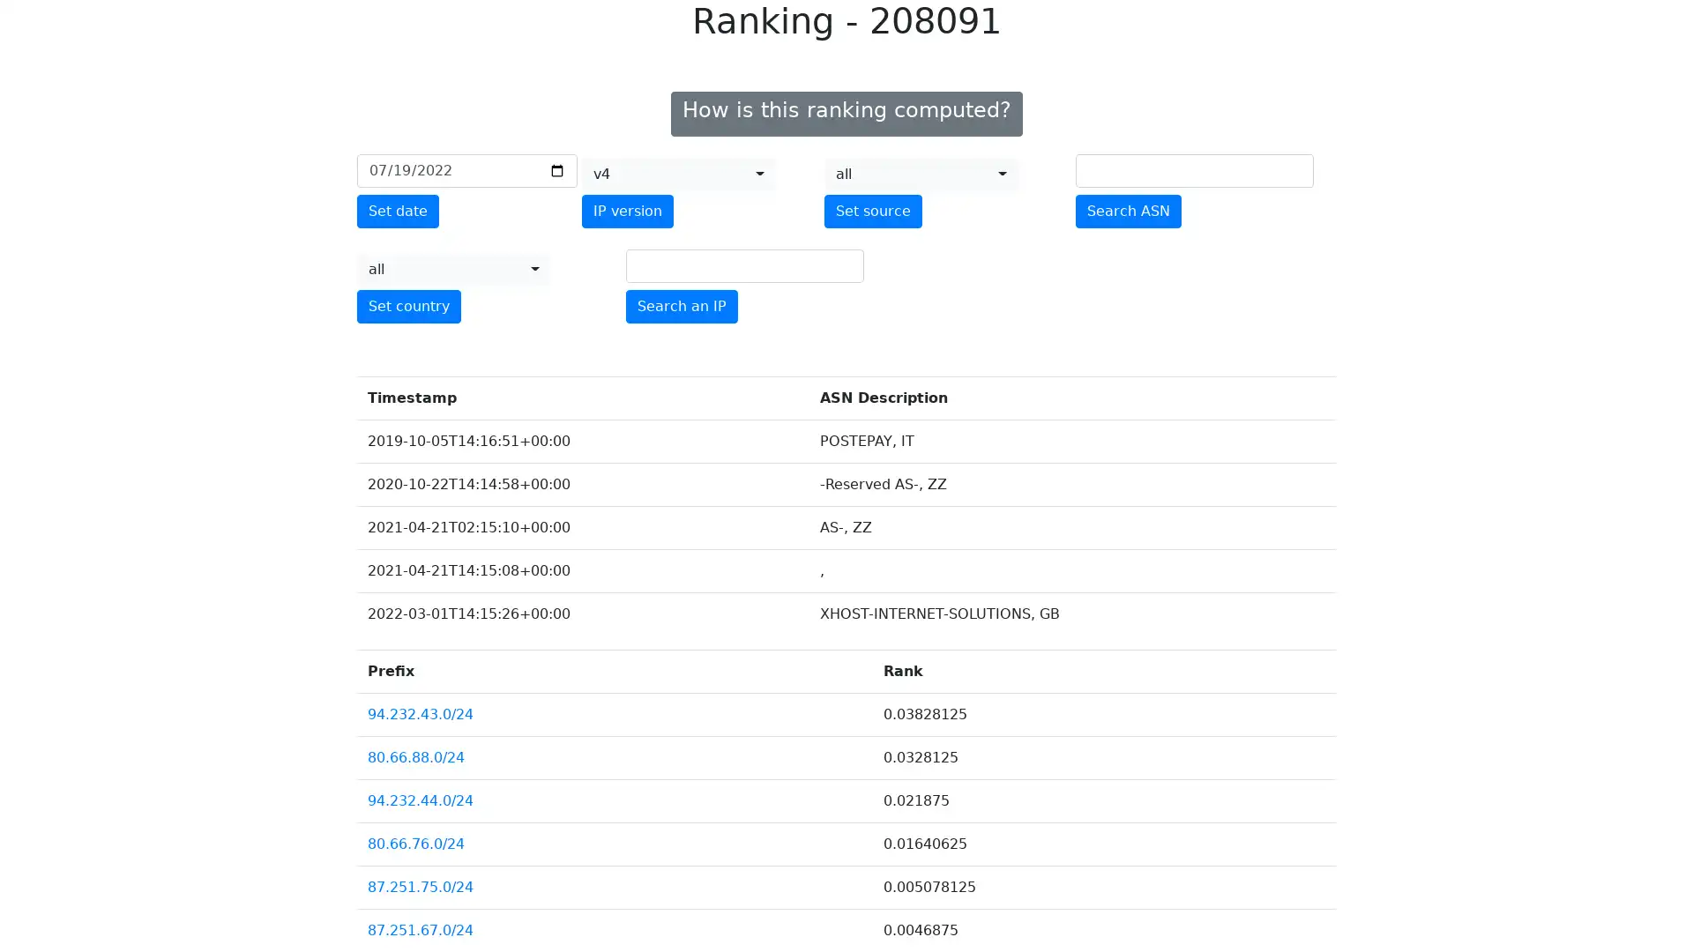 Image resolution: width=1693 pixels, height=952 pixels. What do you see at coordinates (845, 113) in the screenshot?
I see `How is this ranking computed?` at bounding box center [845, 113].